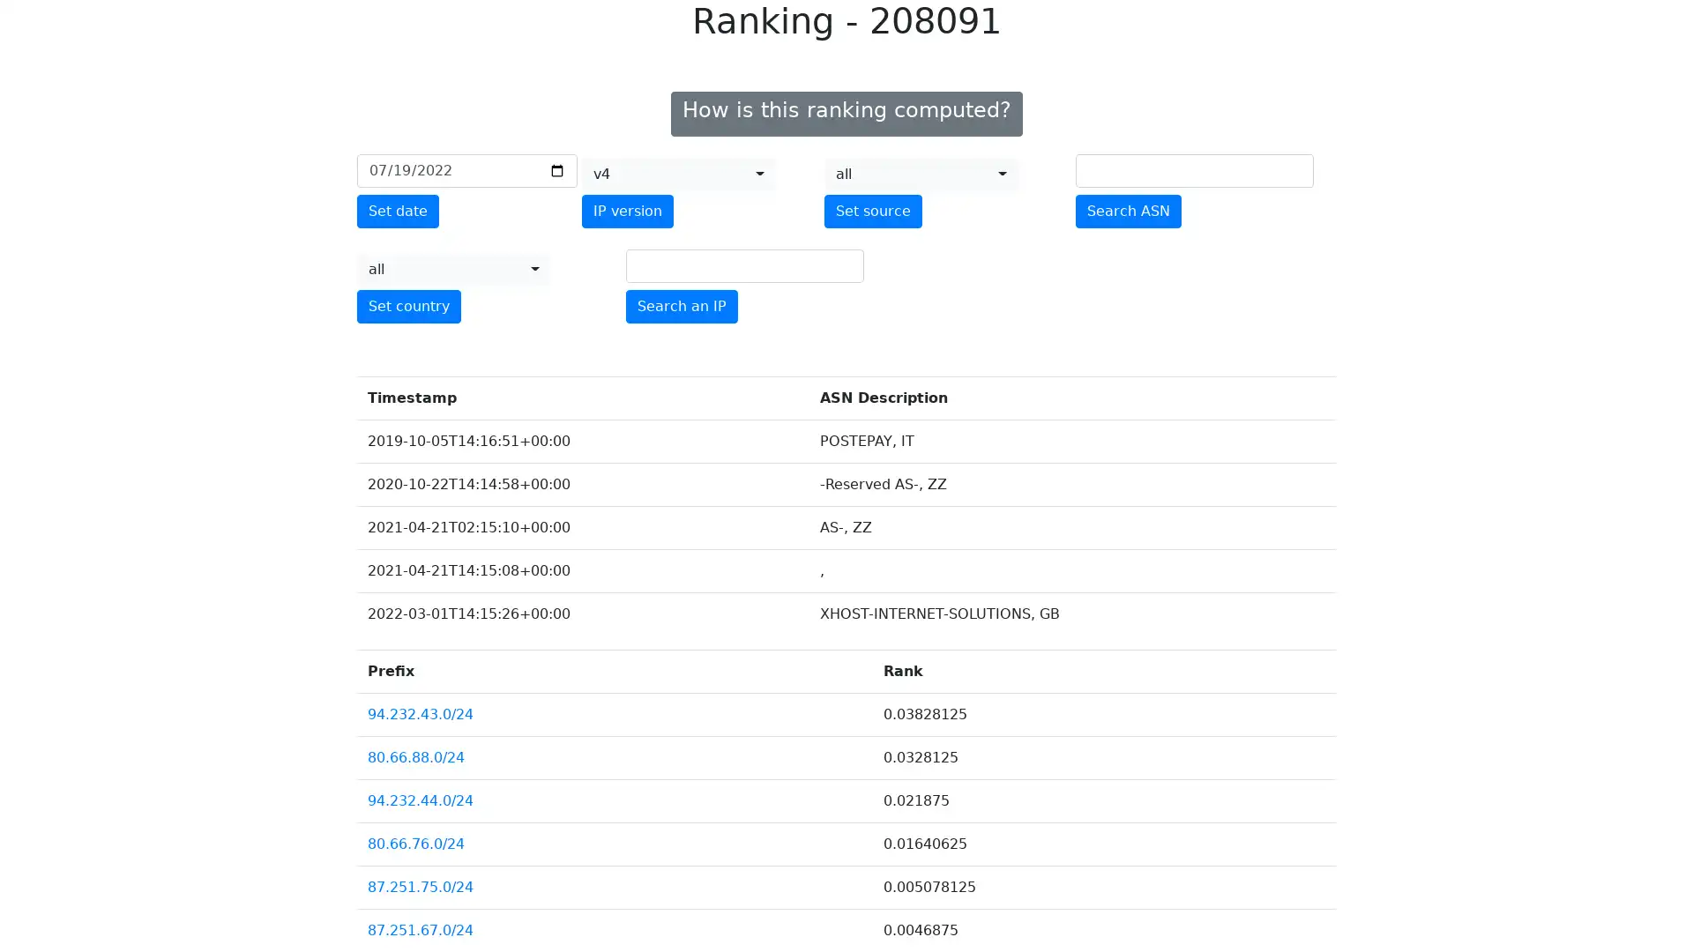 Image resolution: width=1693 pixels, height=952 pixels. What do you see at coordinates (845, 113) in the screenshot?
I see `How is this ranking computed?` at bounding box center [845, 113].